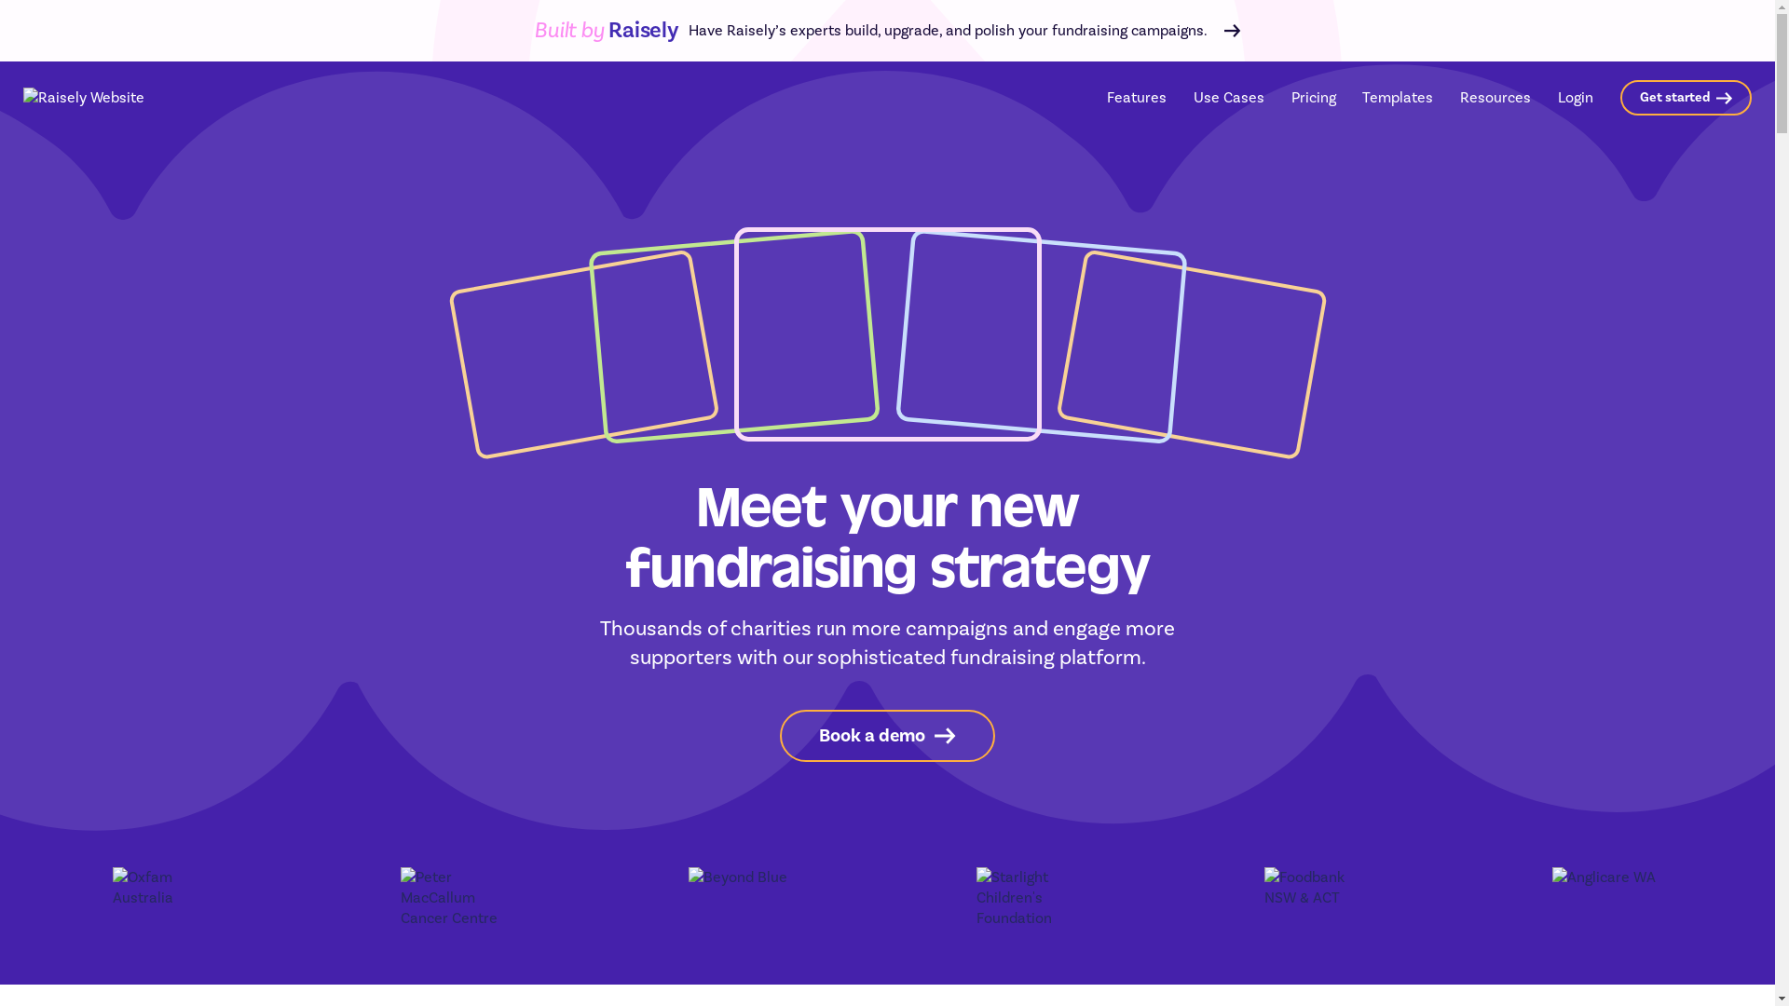  What do you see at coordinates (1135, 97) in the screenshot?
I see `'Features'` at bounding box center [1135, 97].